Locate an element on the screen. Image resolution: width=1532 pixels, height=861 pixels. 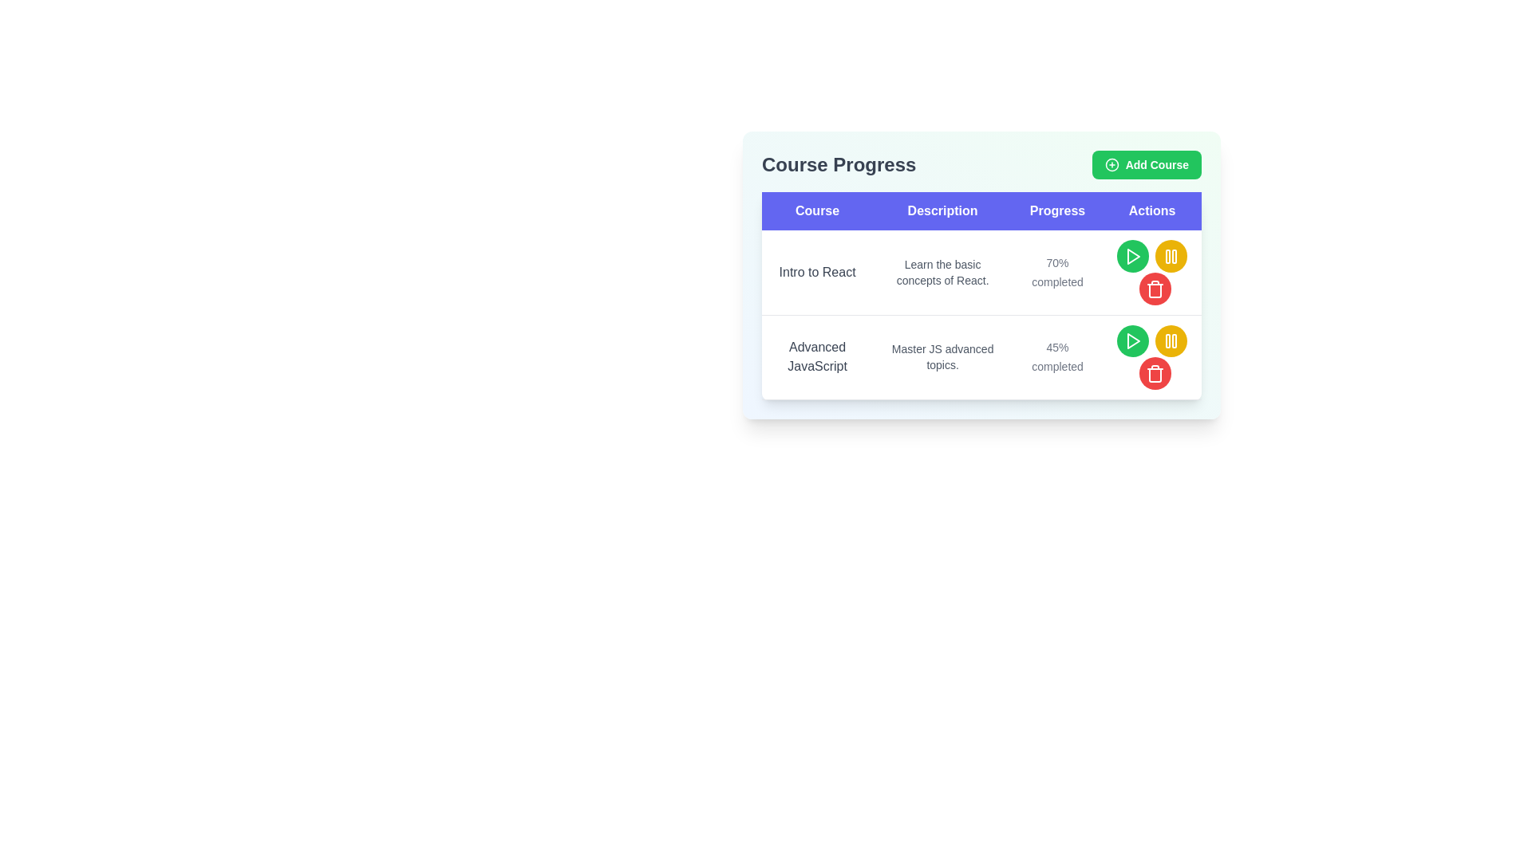
the text field displaying '45% completed' in the 'Progress' column for the 'Advanced JavaScript' course is located at coordinates (1057, 356).